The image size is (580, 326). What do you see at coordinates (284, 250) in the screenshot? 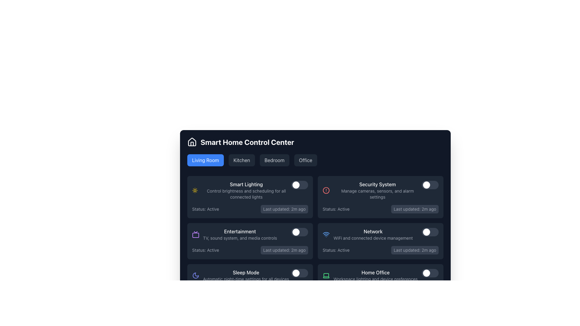
I see `the text label that indicates the time since the data was last updated, located in the bottom-right corner of the 'Entertainment' card` at bounding box center [284, 250].